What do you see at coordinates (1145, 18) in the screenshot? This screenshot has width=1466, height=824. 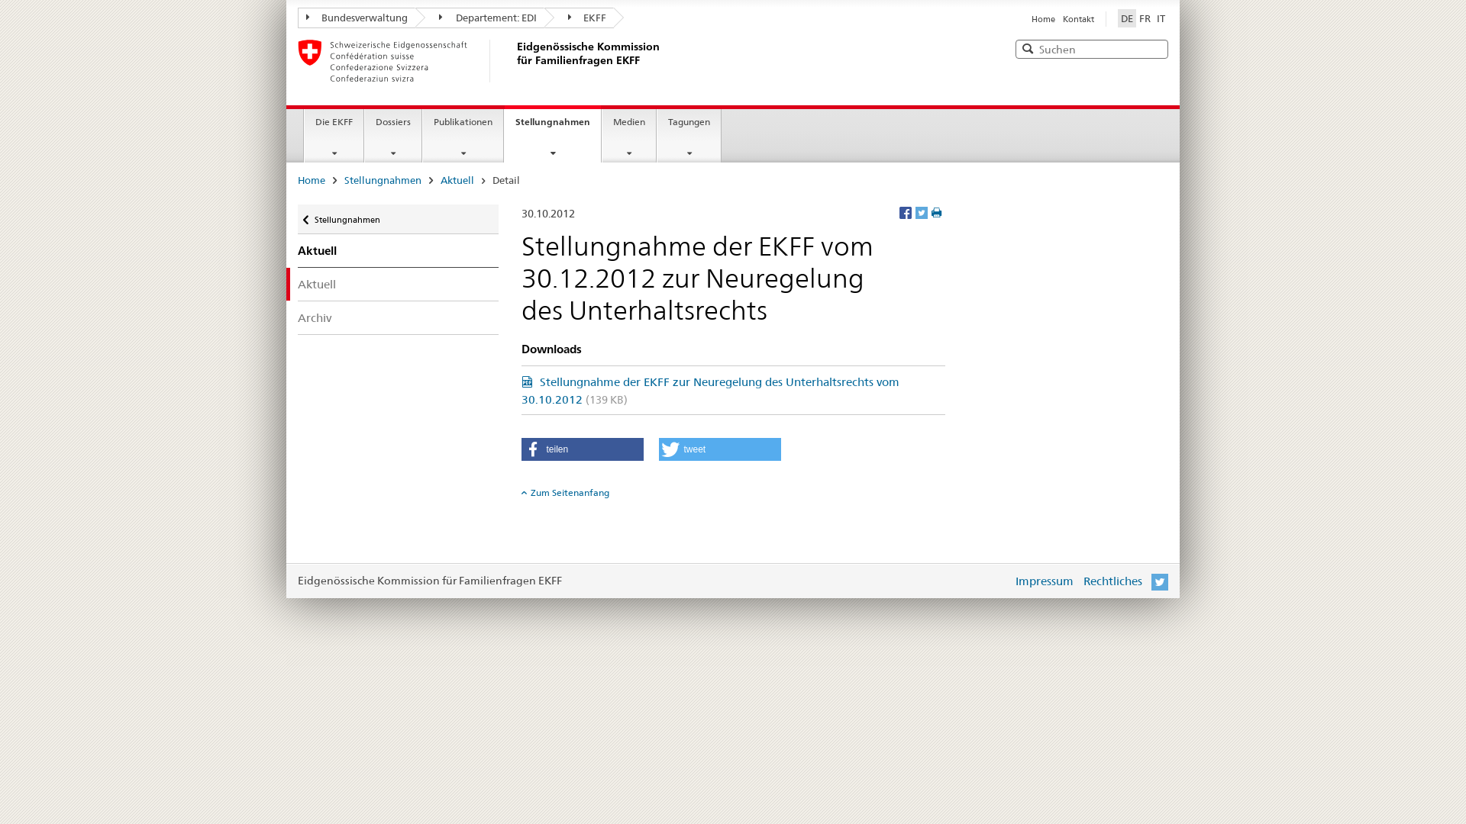 I see `'FR'` at bounding box center [1145, 18].